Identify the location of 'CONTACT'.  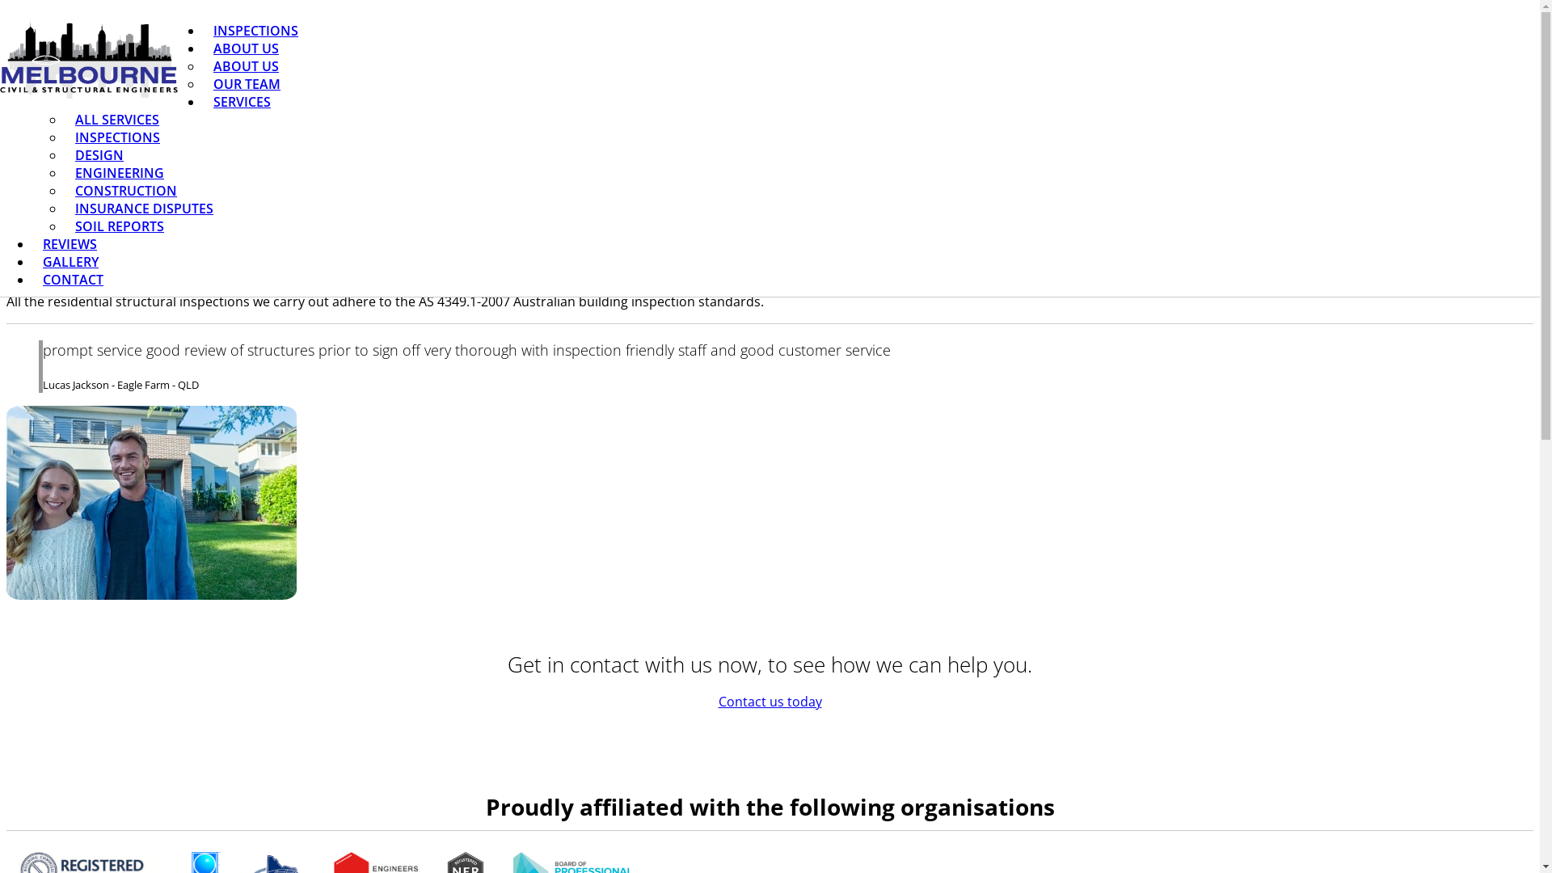
(72, 279).